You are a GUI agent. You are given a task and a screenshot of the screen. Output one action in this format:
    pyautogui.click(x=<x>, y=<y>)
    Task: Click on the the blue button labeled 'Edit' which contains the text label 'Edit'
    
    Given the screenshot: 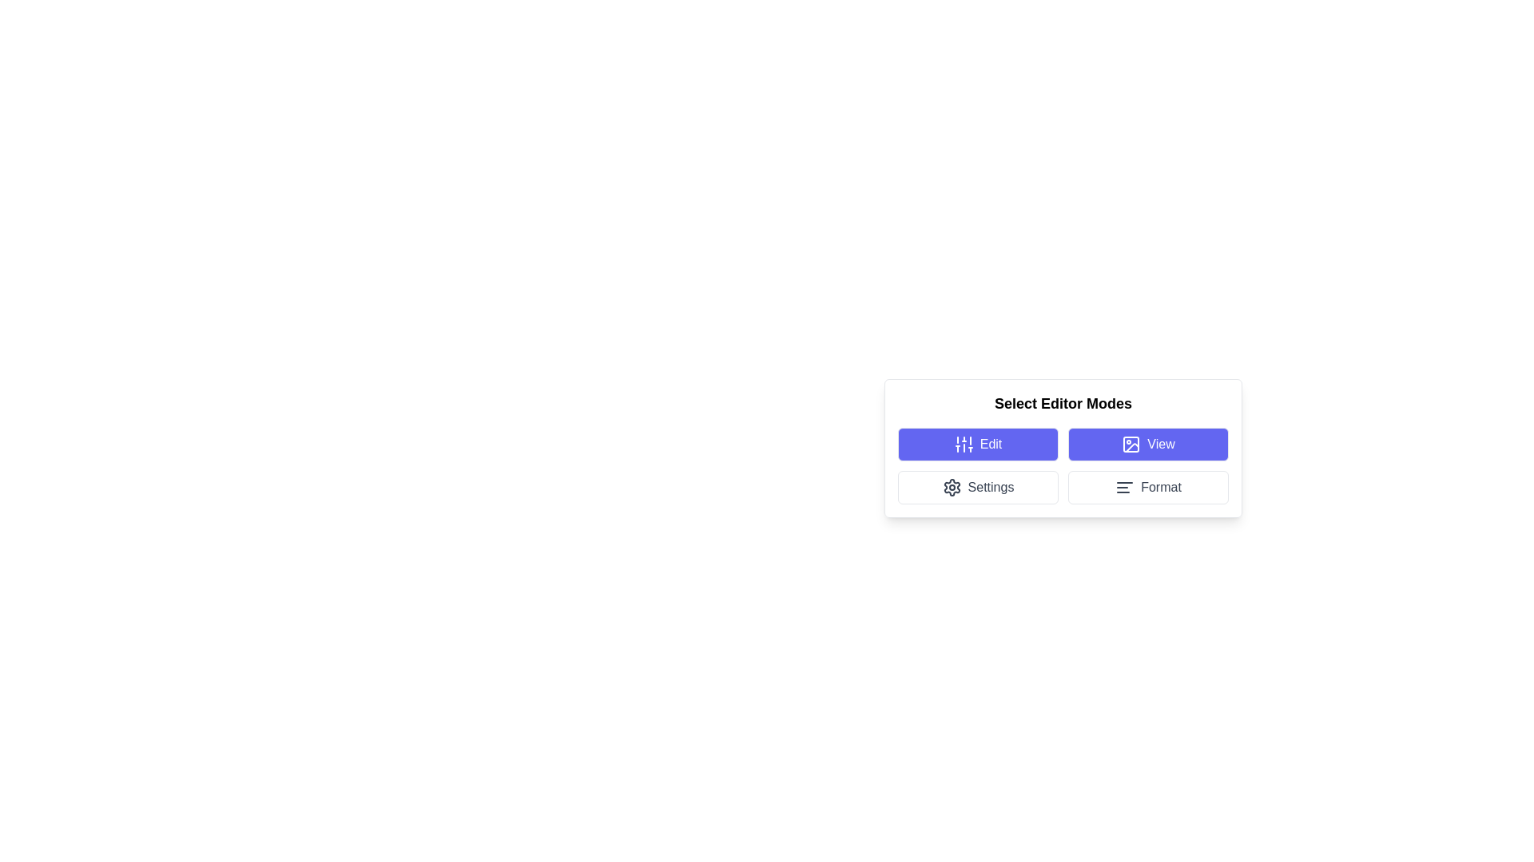 What is the action you would take?
    pyautogui.click(x=989, y=444)
    